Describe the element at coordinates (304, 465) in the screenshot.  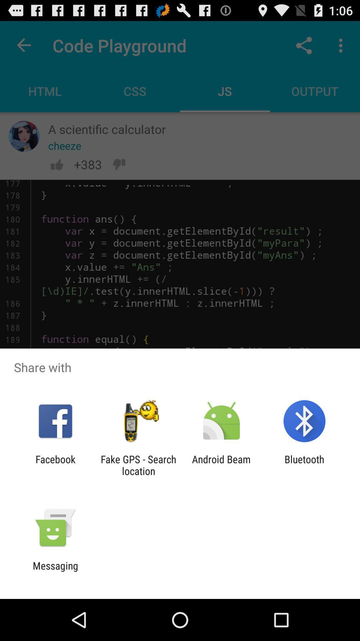
I see `the bluetooth app` at that location.